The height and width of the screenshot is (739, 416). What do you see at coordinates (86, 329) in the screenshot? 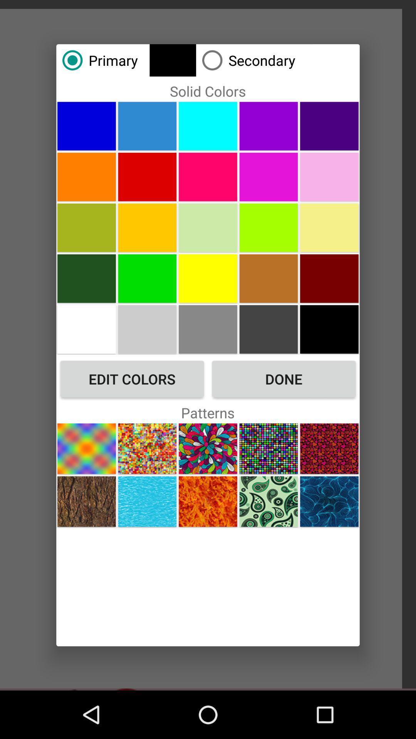
I see `button above edit colors item` at bounding box center [86, 329].